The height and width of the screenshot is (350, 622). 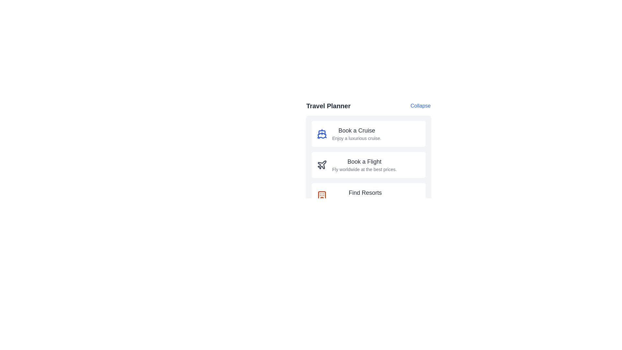 What do you see at coordinates (368, 165) in the screenshot?
I see `the second card in the Travel Planner section` at bounding box center [368, 165].